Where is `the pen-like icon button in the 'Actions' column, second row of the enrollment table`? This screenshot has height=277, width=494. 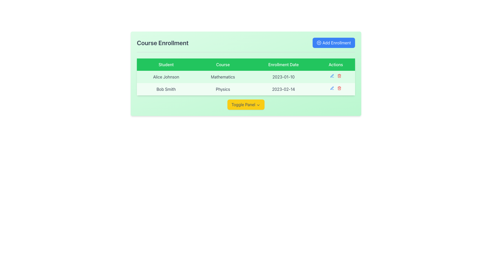 the pen-like icon button in the 'Actions' column, second row of the enrollment table is located at coordinates (332, 88).